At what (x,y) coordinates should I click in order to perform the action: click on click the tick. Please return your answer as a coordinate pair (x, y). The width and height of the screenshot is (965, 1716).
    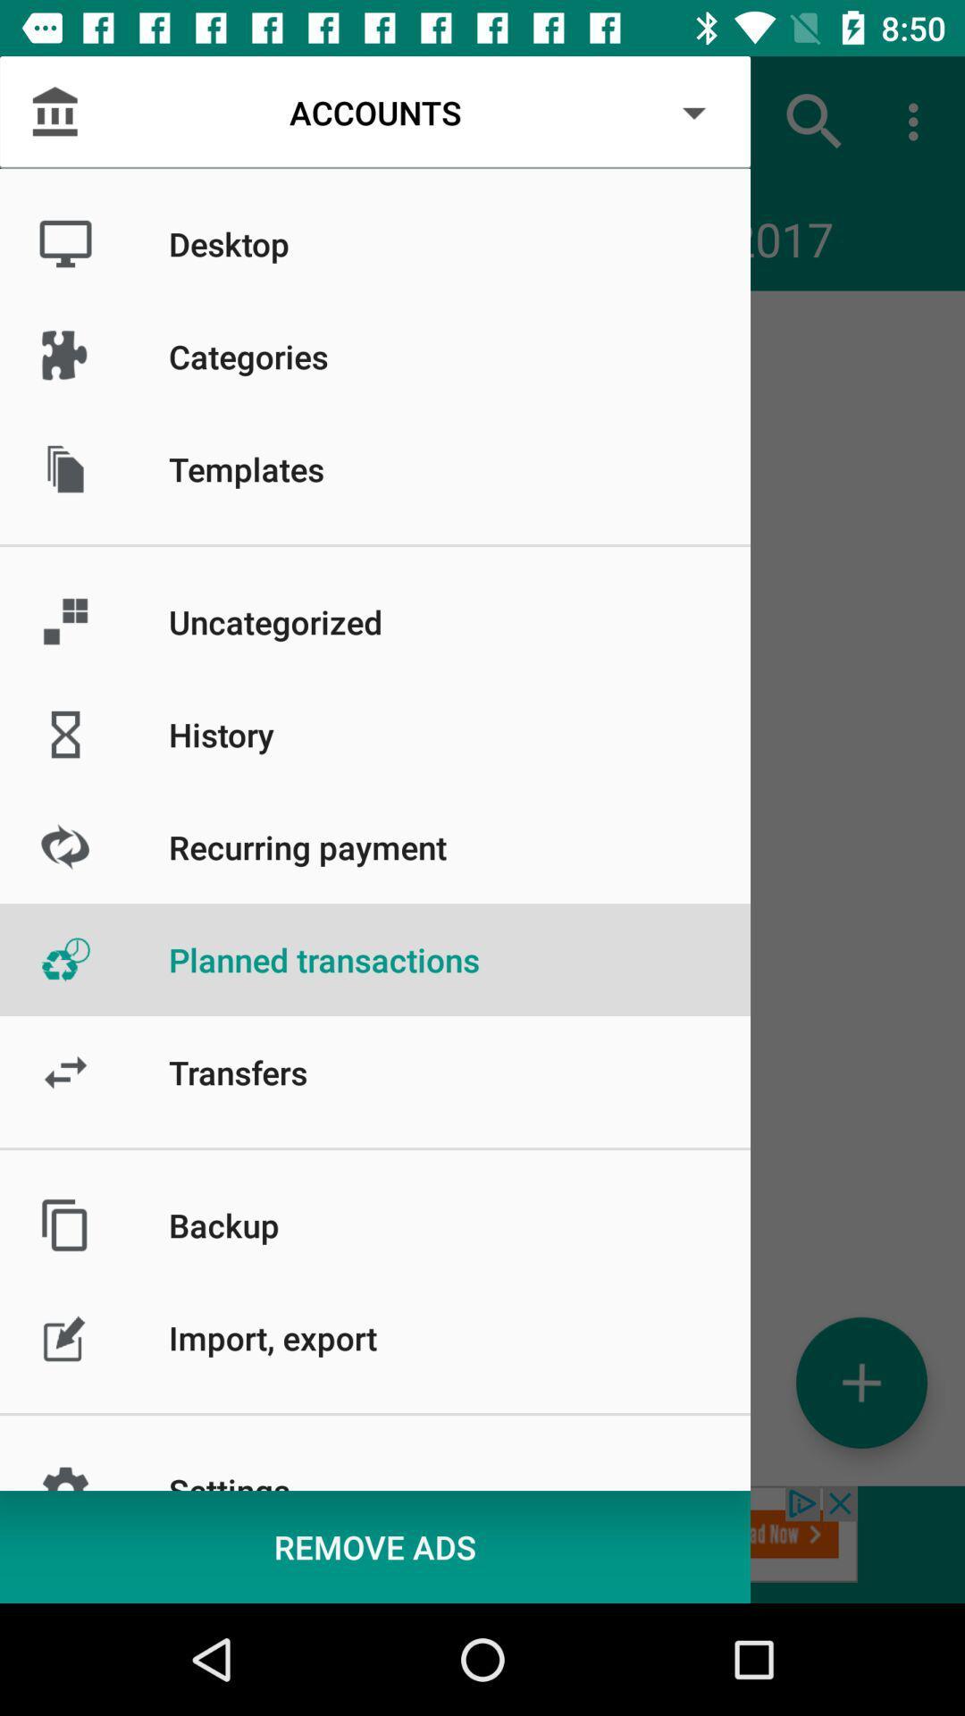
    Looking at the image, I should click on (860, 1382).